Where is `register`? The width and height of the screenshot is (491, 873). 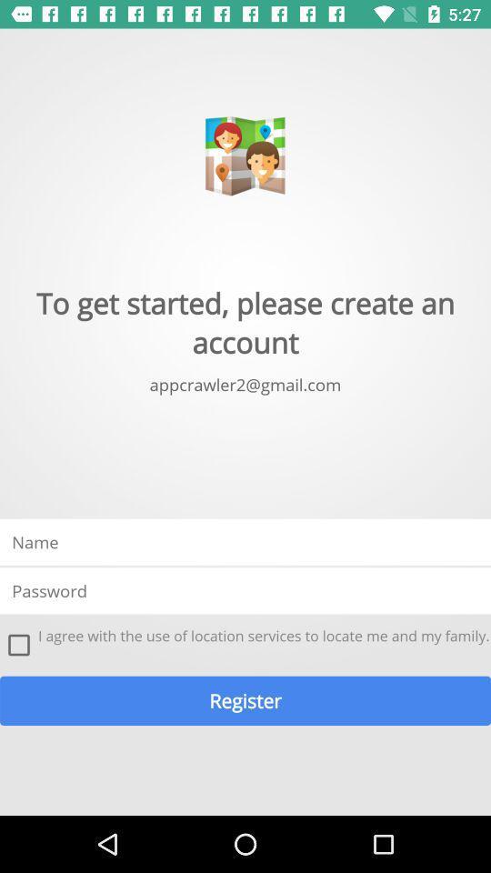 register is located at coordinates (245, 699).